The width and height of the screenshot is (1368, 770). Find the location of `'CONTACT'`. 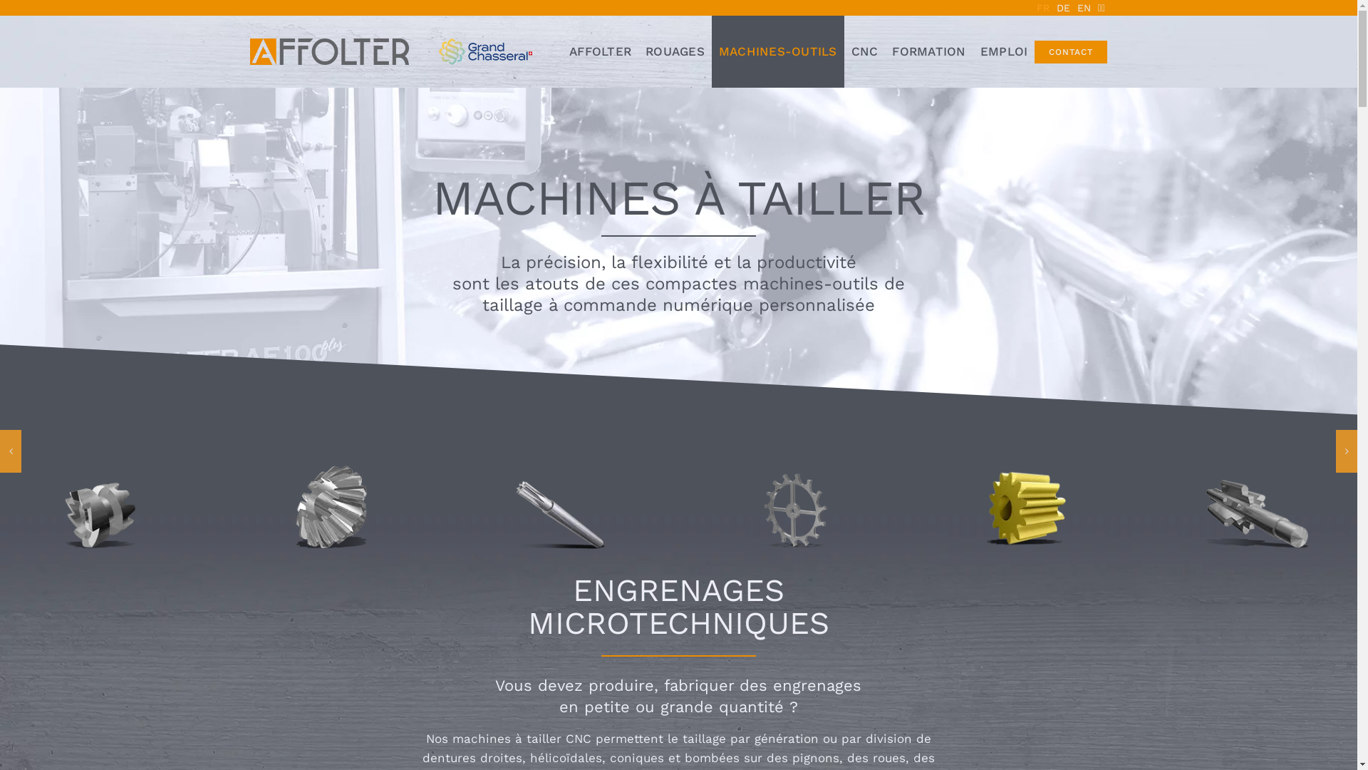

'CONTACT' is located at coordinates (1070, 51).